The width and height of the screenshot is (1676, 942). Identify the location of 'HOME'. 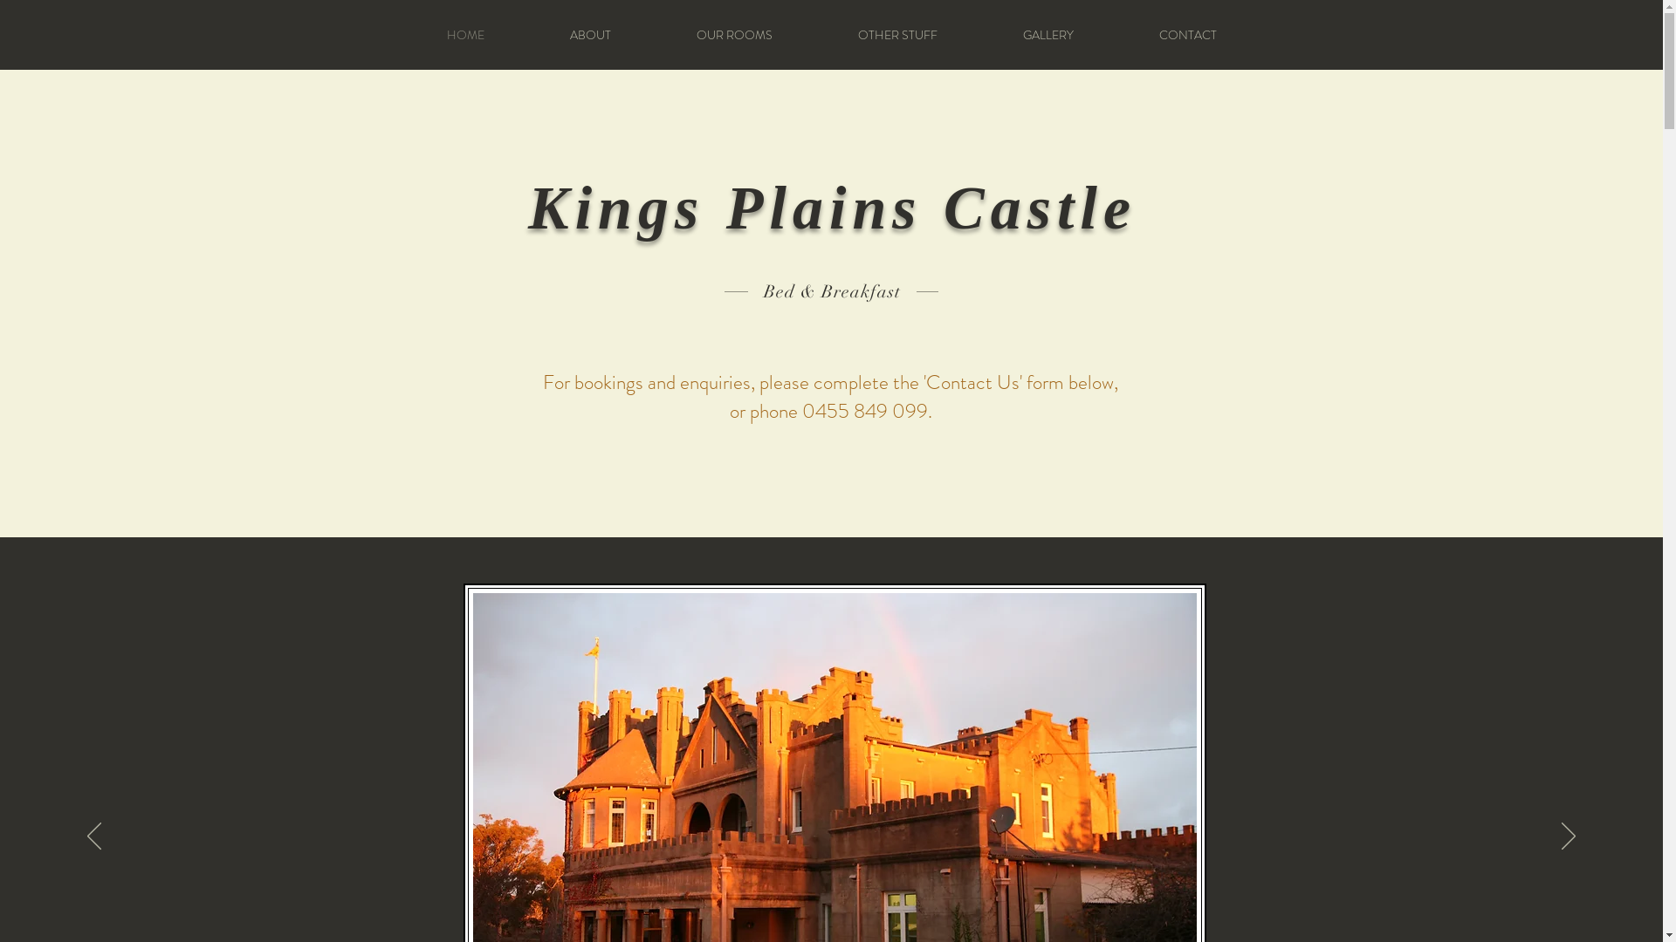
(464, 34).